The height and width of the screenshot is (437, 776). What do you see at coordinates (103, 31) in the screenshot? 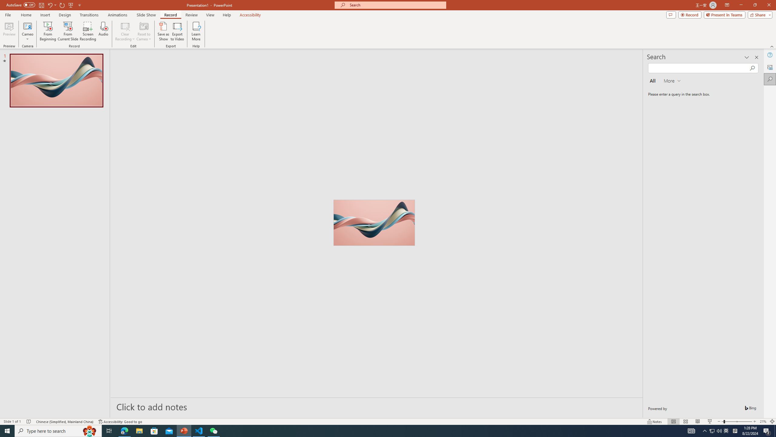
I see `'Audio'` at bounding box center [103, 31].